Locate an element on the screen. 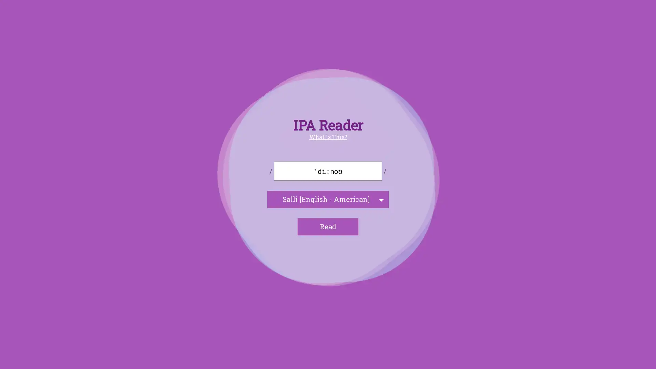 The width and height of the screenshot is (656, 369). Read is located at coordinates (328, 227).